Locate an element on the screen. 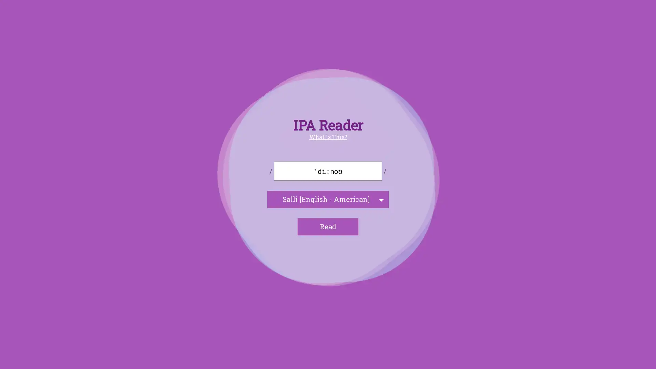 The width and height of the screenshot is (656, 369). Read is located at coordinates (328, 227).